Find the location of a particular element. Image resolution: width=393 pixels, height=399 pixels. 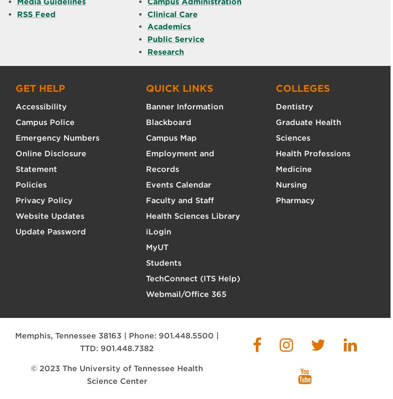

'Quick Links' is located at coordinates (179, 87).